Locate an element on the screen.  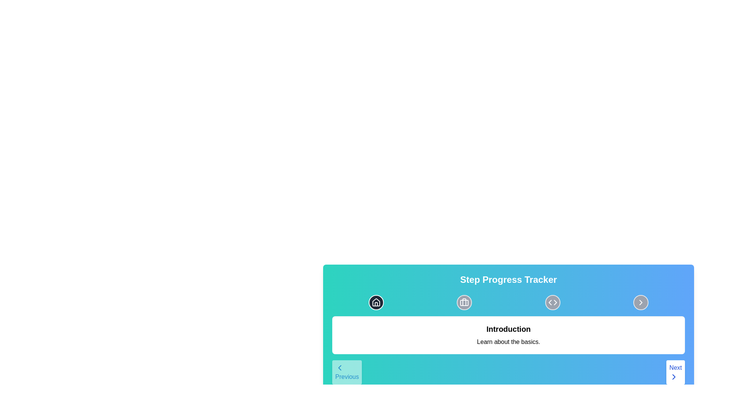
the rectangular button with rounded corners labeled 'Next' is located at coordinates (675, 372).